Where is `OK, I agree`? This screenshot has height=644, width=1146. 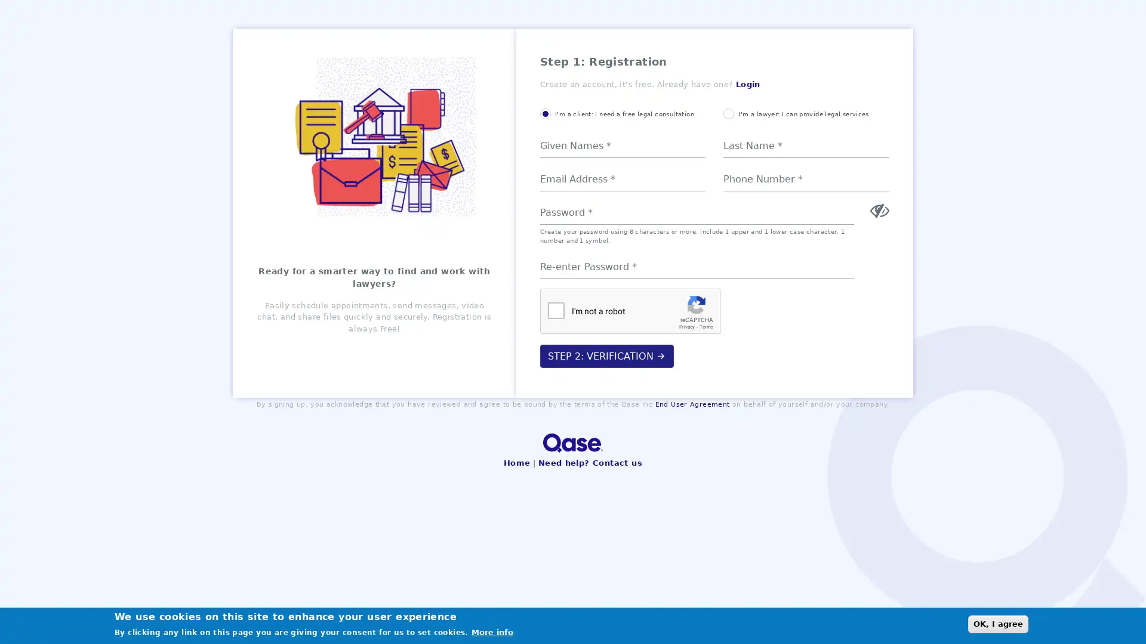
OK, I agree is located at coordinates (998, 623).